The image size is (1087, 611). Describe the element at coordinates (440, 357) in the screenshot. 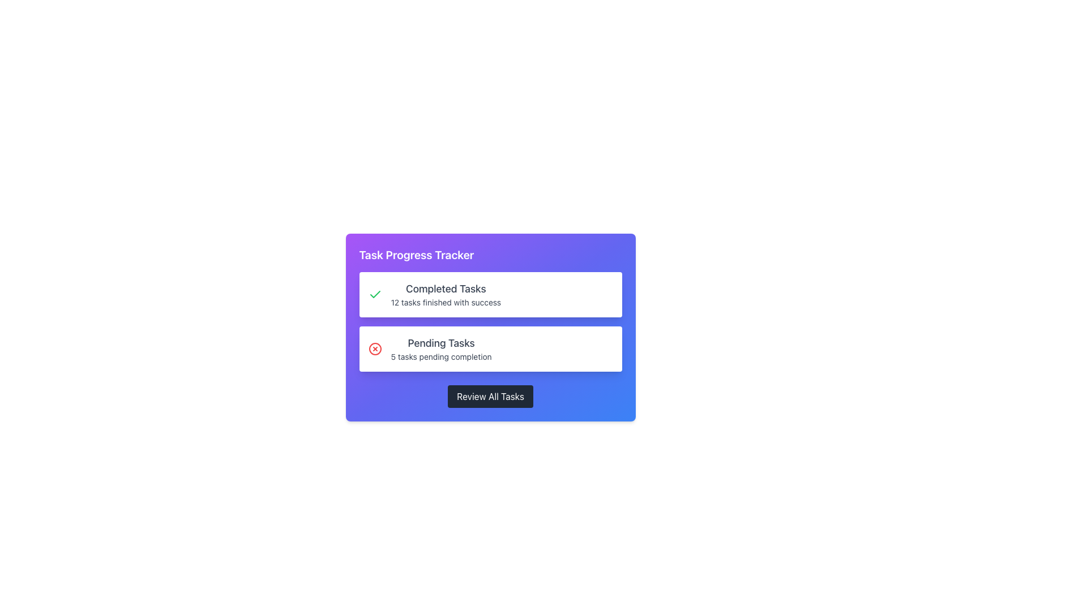

I see `the text label that summarizes the number of tasks not yet completed, located directly below the 'Pending Tasks' label in the task status card` at that location.